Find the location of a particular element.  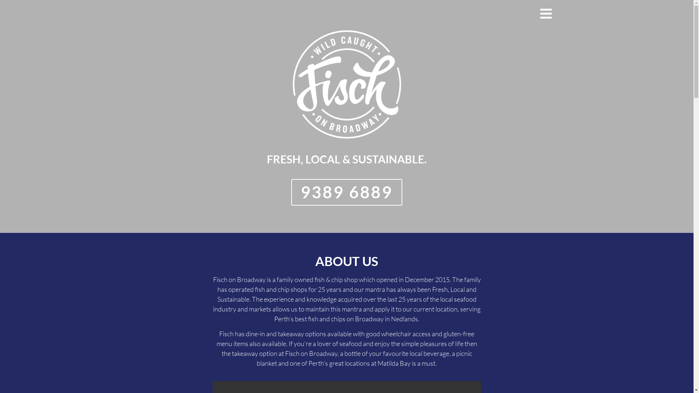

'9389 6889' is located at coordinates (346, 192).